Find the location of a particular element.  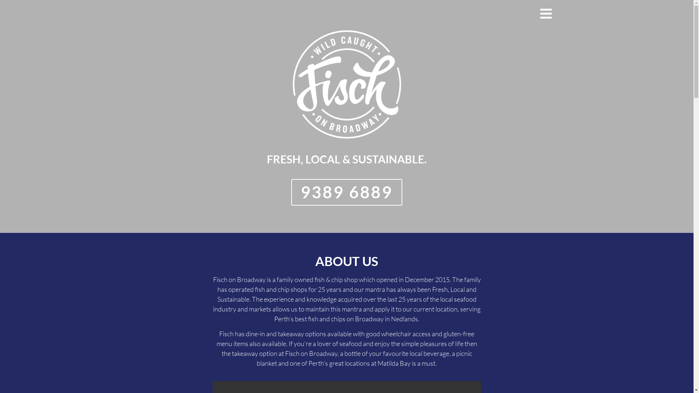

'9389 6889' is located at coordinates (346, 192).